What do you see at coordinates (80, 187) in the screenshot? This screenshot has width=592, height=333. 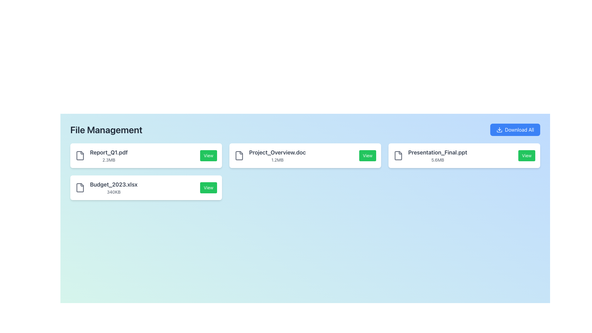 I see `the file icon, which is a simple outline resembling a document with a folded corner, located above the text 'Budget_2023.xlsx 340KB' in the file list` at bounding box center [80, 187].